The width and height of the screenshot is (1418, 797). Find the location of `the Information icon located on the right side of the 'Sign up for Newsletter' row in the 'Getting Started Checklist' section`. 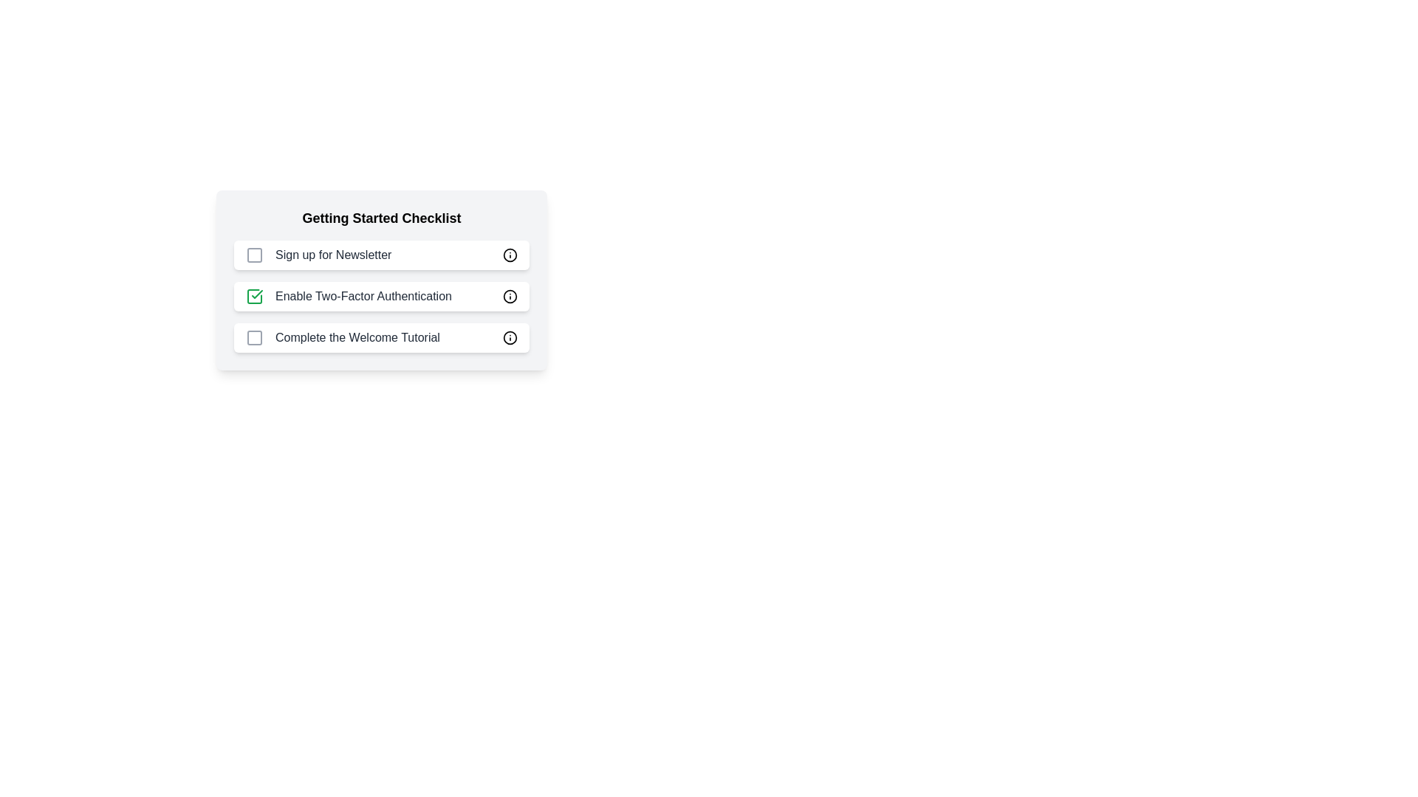

the Information icon located on the right side of the 'Sign up for Newsletter' row in the 'Getting Started Checklist' section is located at coordinates (510, 255).